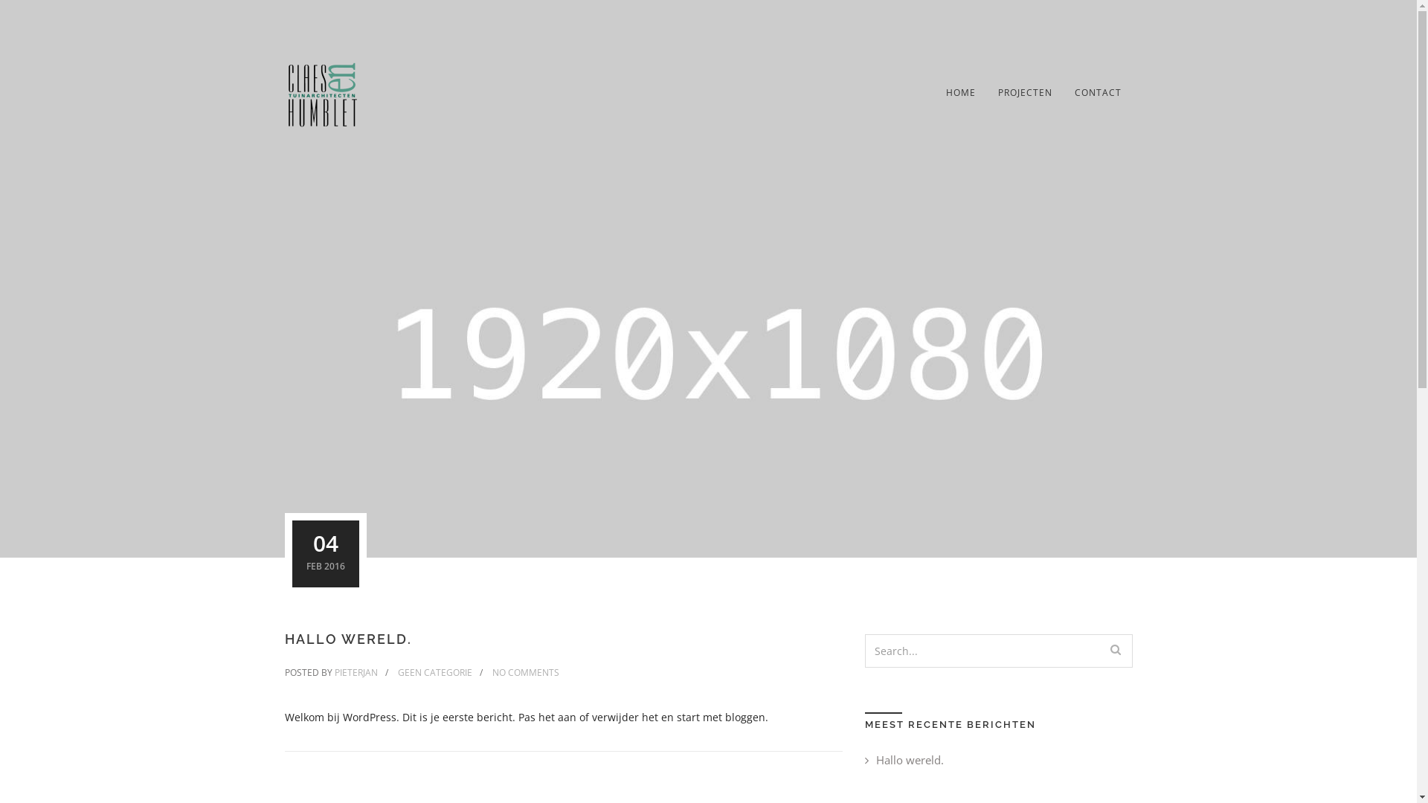 This screenshot has width=1428, height=803. I want to click on 'CONTACT', so click(1098, 92).